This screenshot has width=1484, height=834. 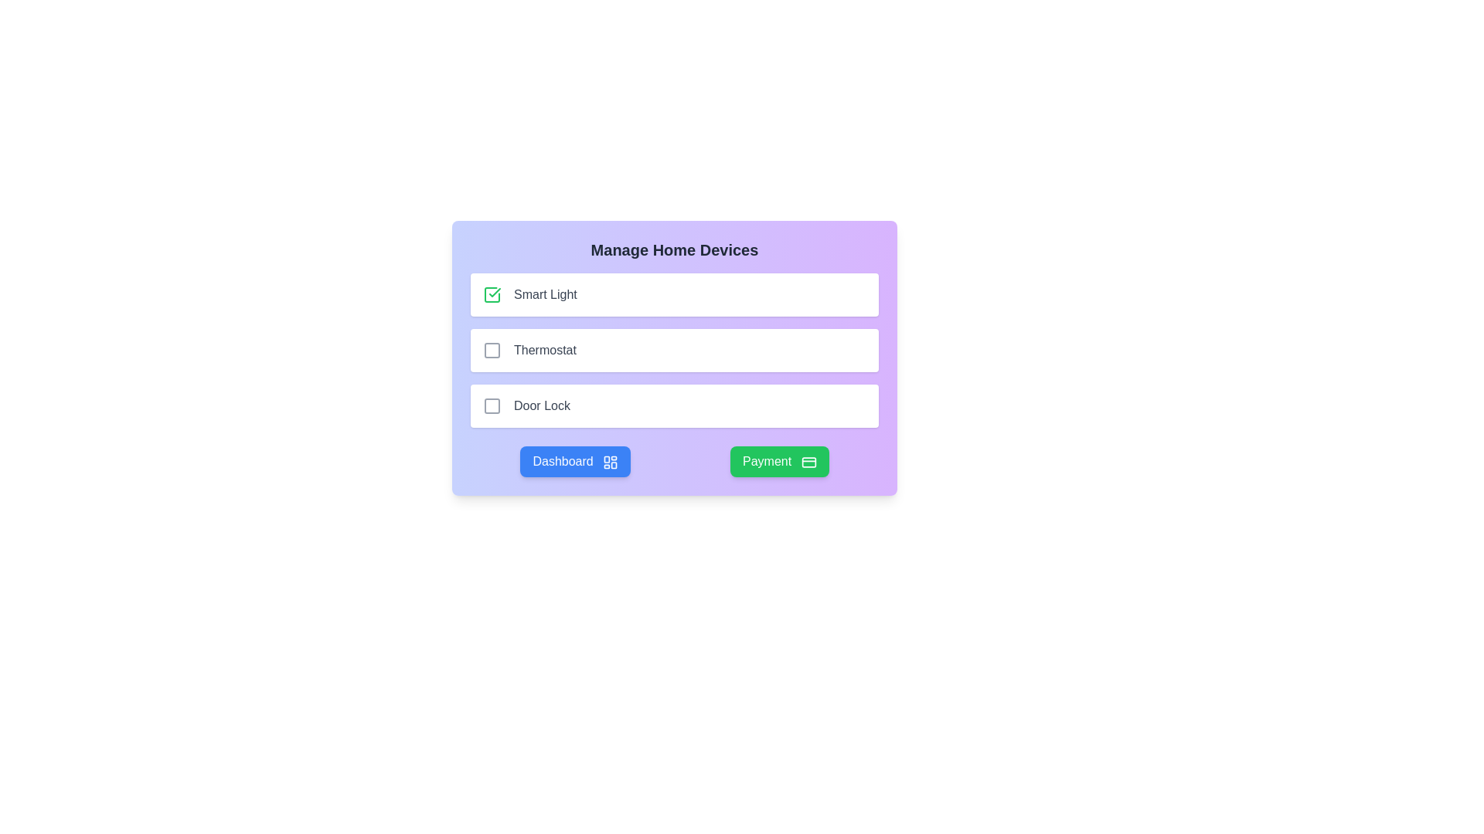 I want to click on the interactive checkbox for the 'Thermostat' option, so click(x=492, y=351).